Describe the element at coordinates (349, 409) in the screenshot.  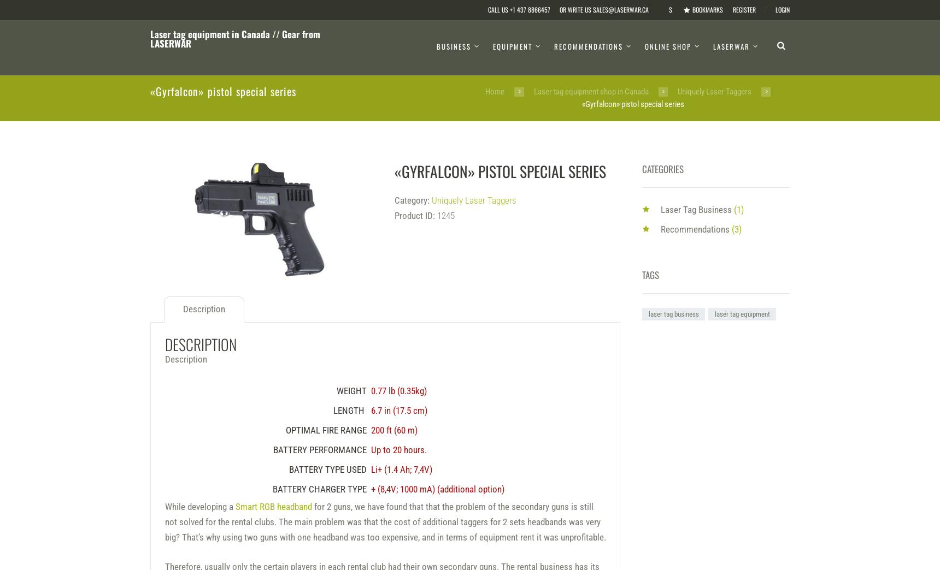
I see `'LENGTH'` at that location.